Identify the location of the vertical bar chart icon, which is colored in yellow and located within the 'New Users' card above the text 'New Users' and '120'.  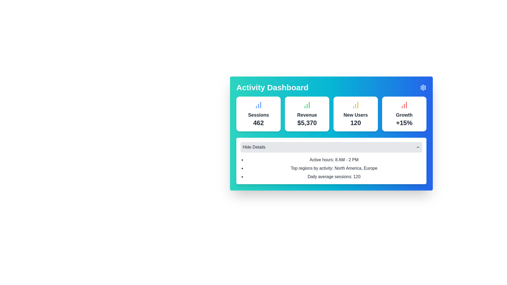
(356, 105).